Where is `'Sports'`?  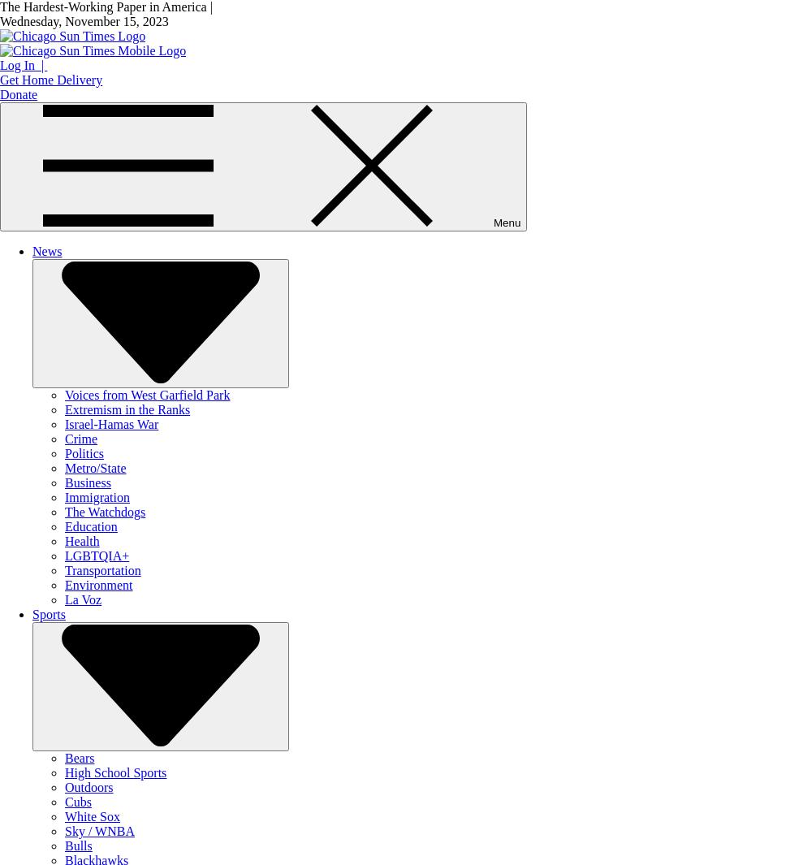 'Sports' is located at coordinates (49, 614).